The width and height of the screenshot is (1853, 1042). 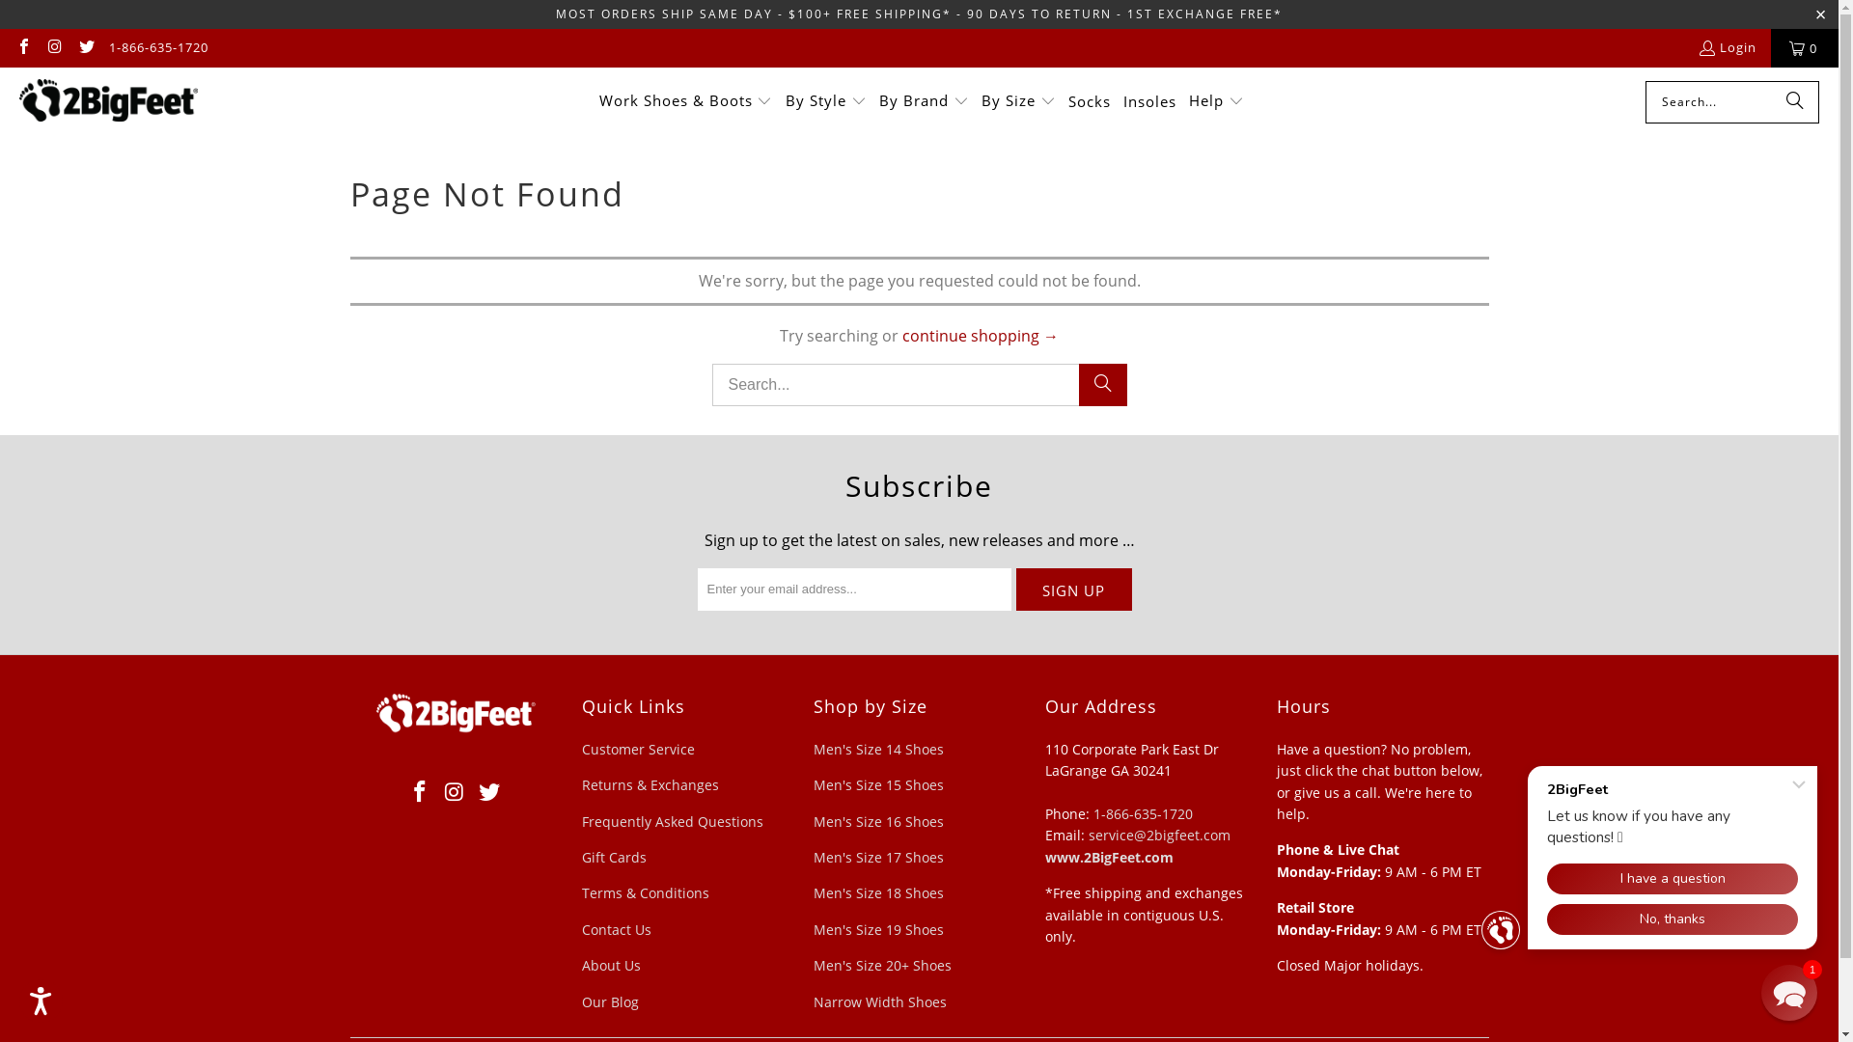 What do you see at coordinates (880, 965) in the screenshot?
I see `'Men's Size 20+ Shoes'` at bounding box center [880, 965].